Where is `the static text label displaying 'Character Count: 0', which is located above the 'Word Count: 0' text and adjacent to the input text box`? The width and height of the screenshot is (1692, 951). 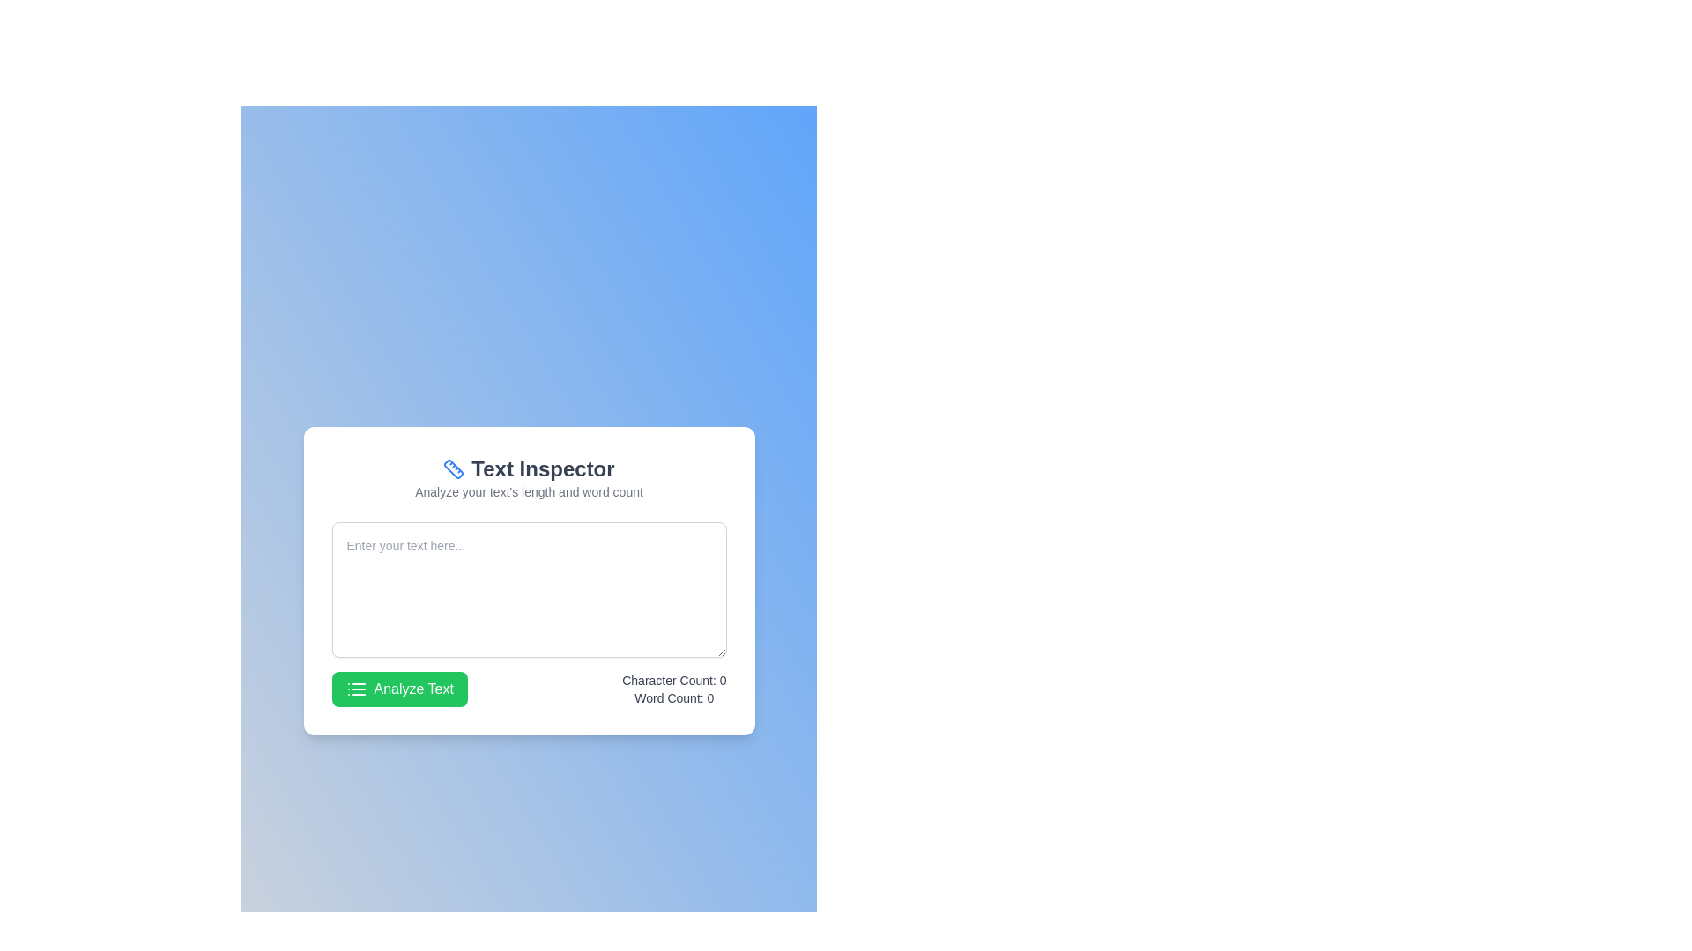
the static text label displaying 'Character Count: 0', which is located above the 'Word Count: 0' text and adjacent to the input text box is located at coordinates (673, 679).